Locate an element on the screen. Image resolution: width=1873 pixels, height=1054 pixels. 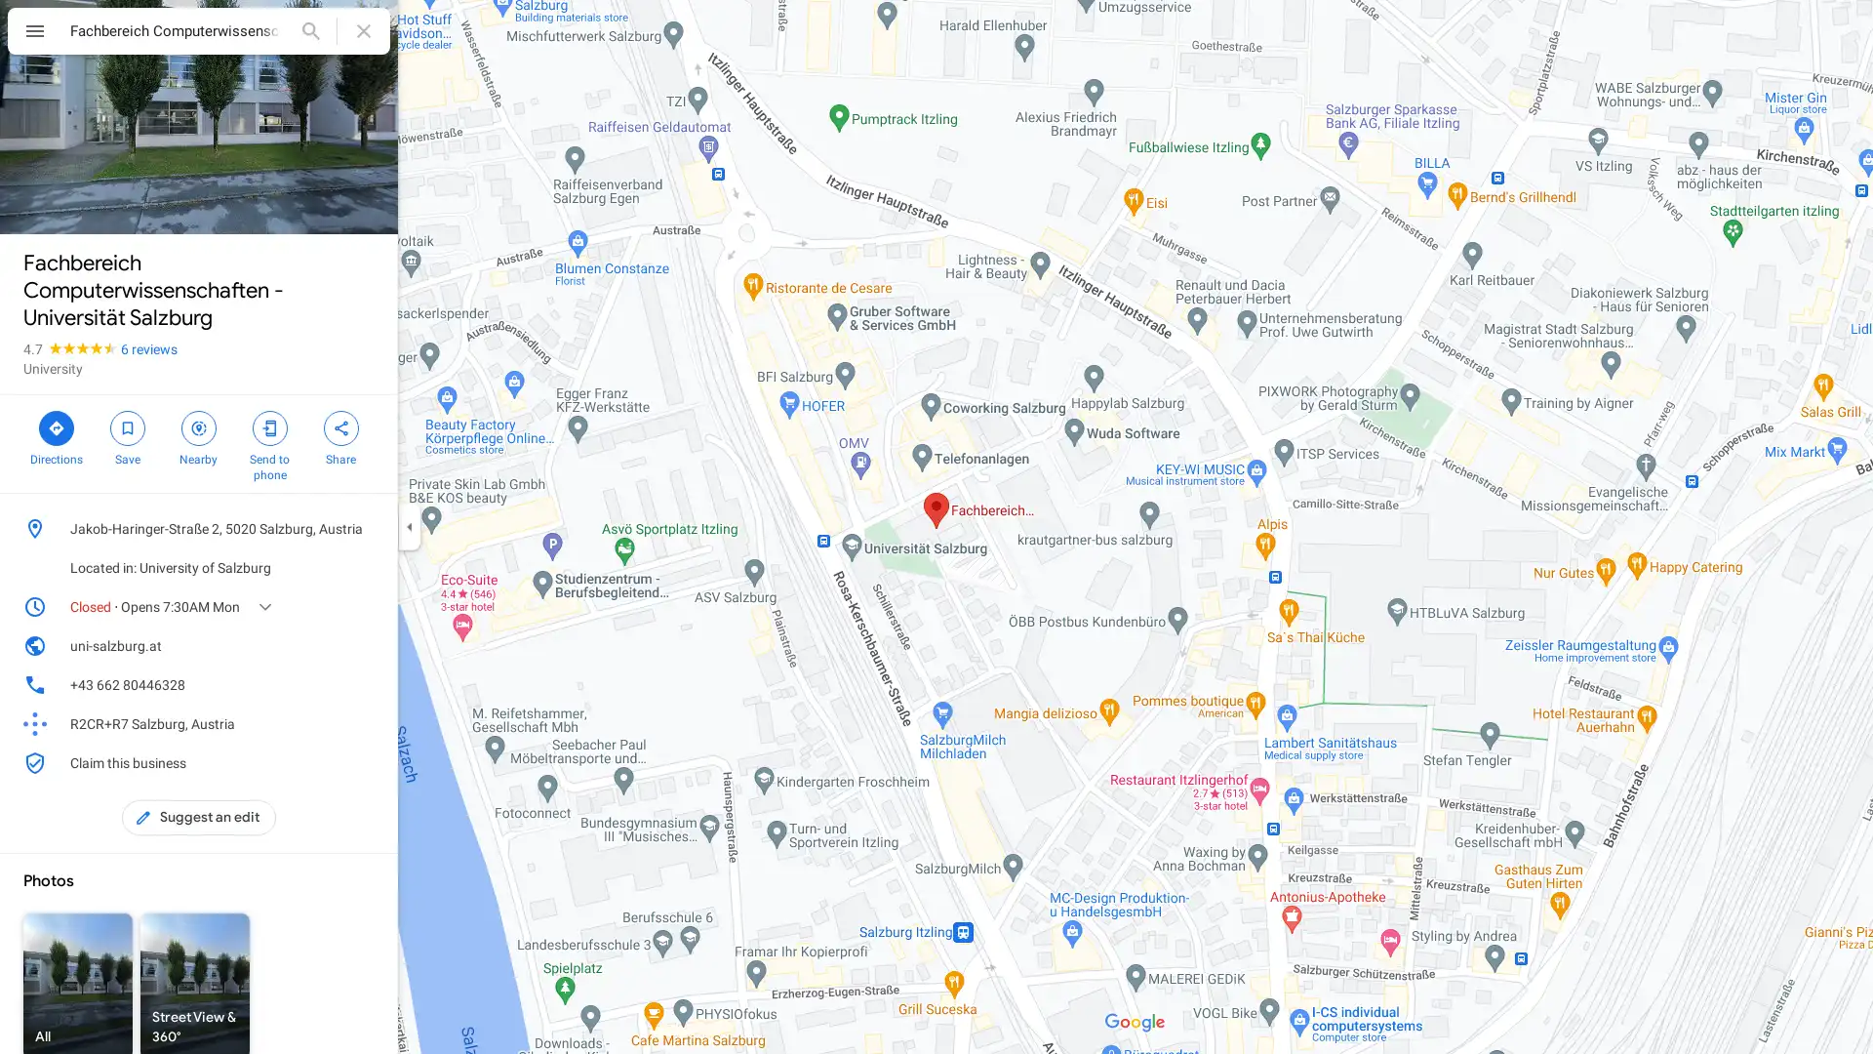
Share Fachbereich Computerwissenschaften - Universitat Salzburg is located at coordinates (340, 435).